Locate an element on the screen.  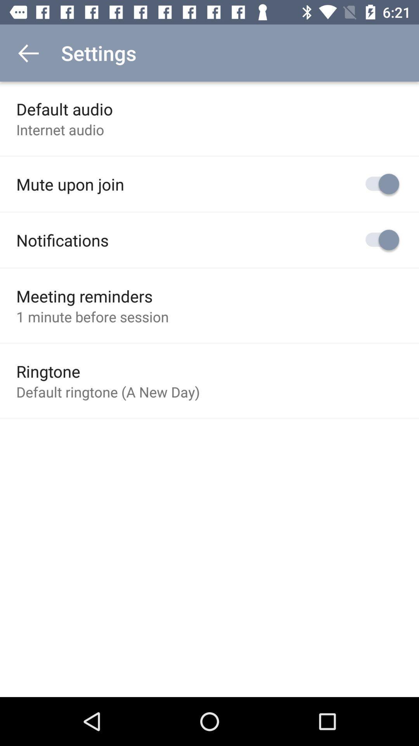
item above the ringtone item is located at coordinates (92, 317).